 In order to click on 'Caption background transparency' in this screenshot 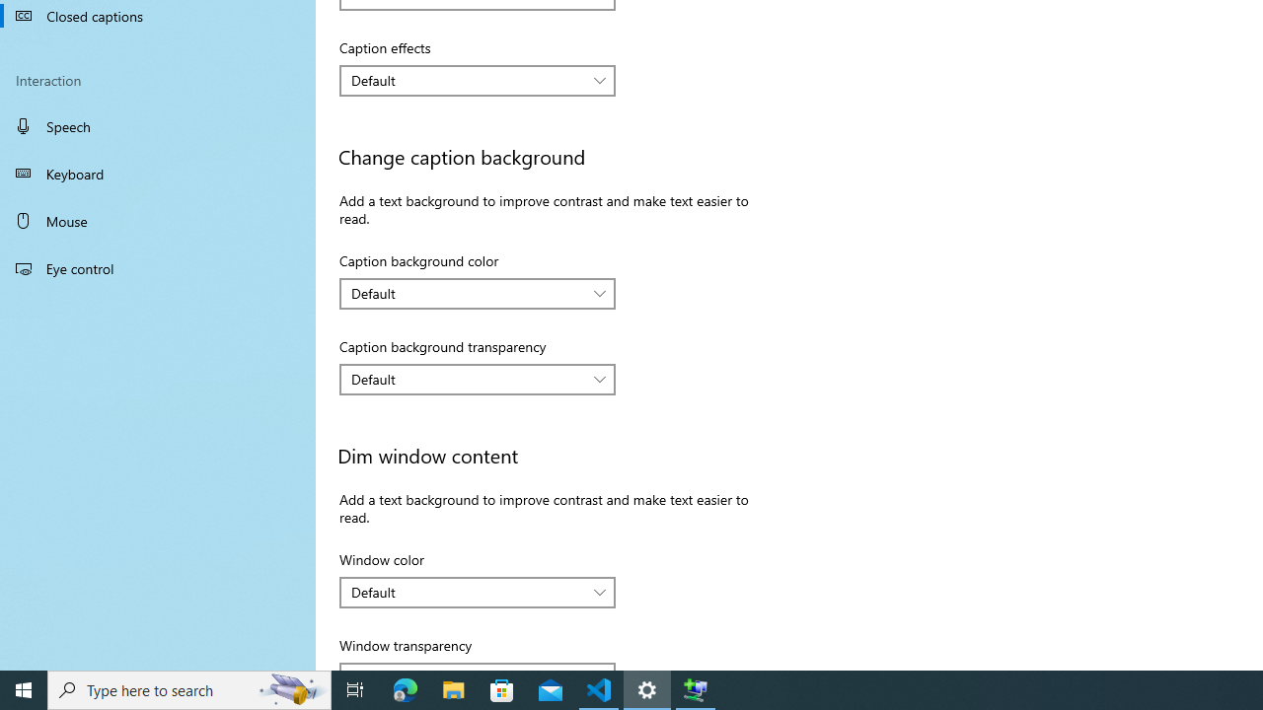, I will do `click(478, 379)`.